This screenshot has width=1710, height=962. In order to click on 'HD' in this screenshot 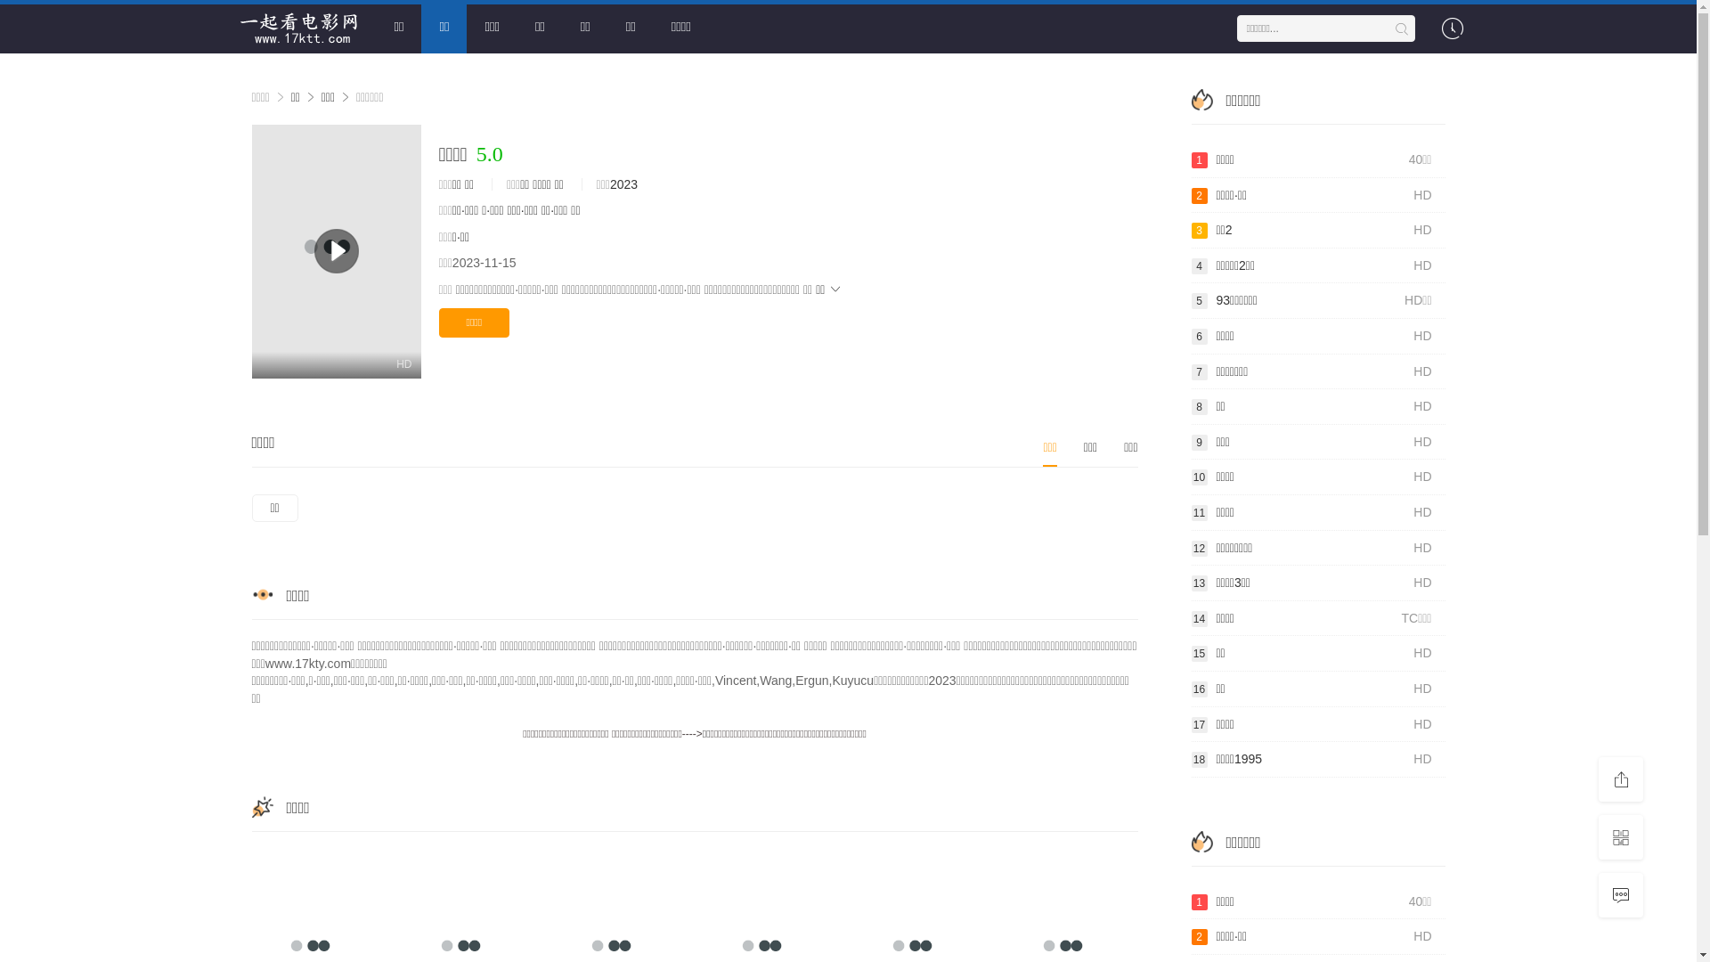, I will do `click(336, 251)`.